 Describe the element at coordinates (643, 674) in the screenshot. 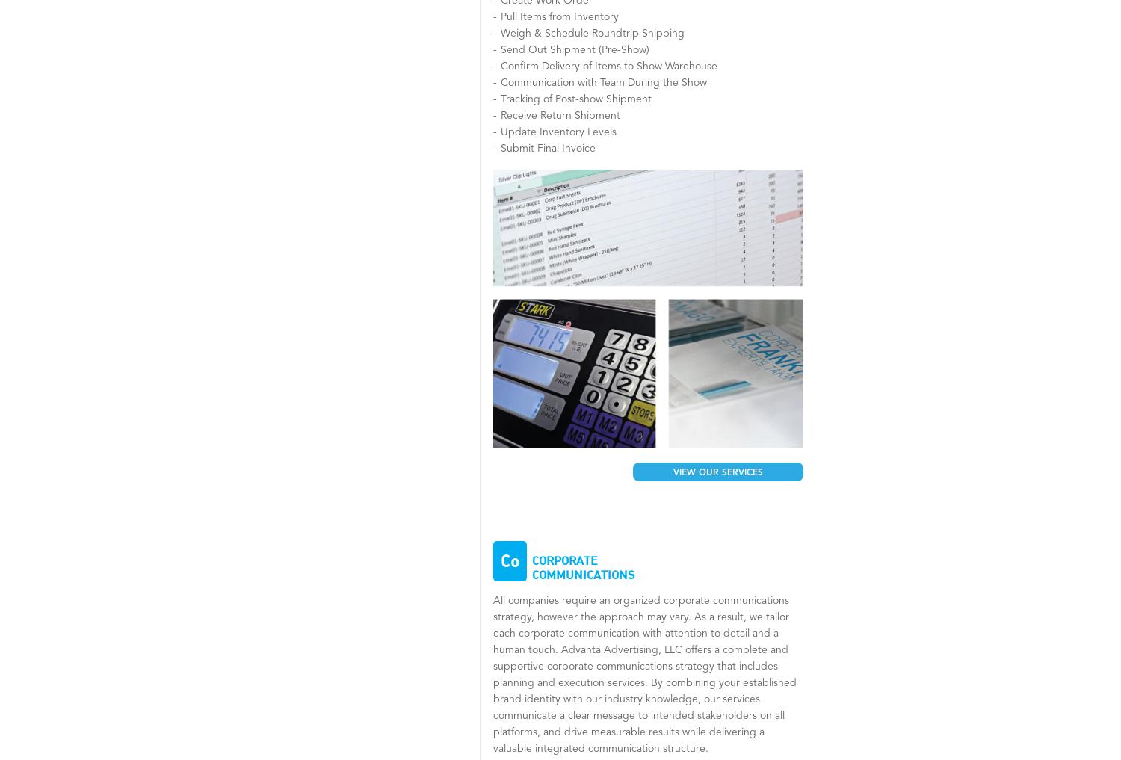

I see `'All companies require an organized corporate communications strategy, however the approach may vary. As a result, we tailor each corporate communication with attention to detail and a human touch. Advanta Advertising, LLC offers a complete and supportive corporate communications strategy that includes planning and execution services. By combining your established brand identity with our industry knowledge, our services communicate a clear message to intended stakeholders on all platforms, and drive measurable results while delivering a valuable integrated communication structure.'` at that location.